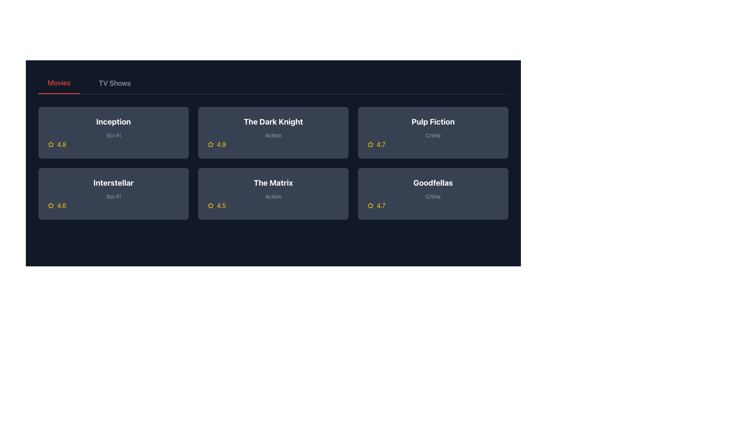  I want to click on the star icon, which is an outlined yellow icon indicating a rating of 4.7, located in the first column of the third row in the grid layout, so click(370, 205).